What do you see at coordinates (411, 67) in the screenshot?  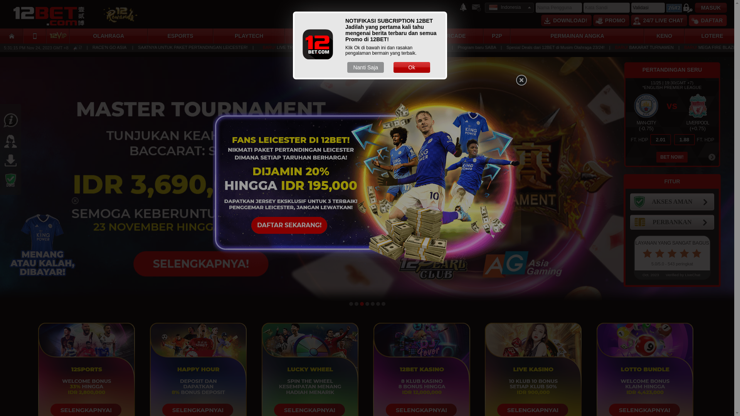 I see `'Ok'` at bounding box center [411, 67].